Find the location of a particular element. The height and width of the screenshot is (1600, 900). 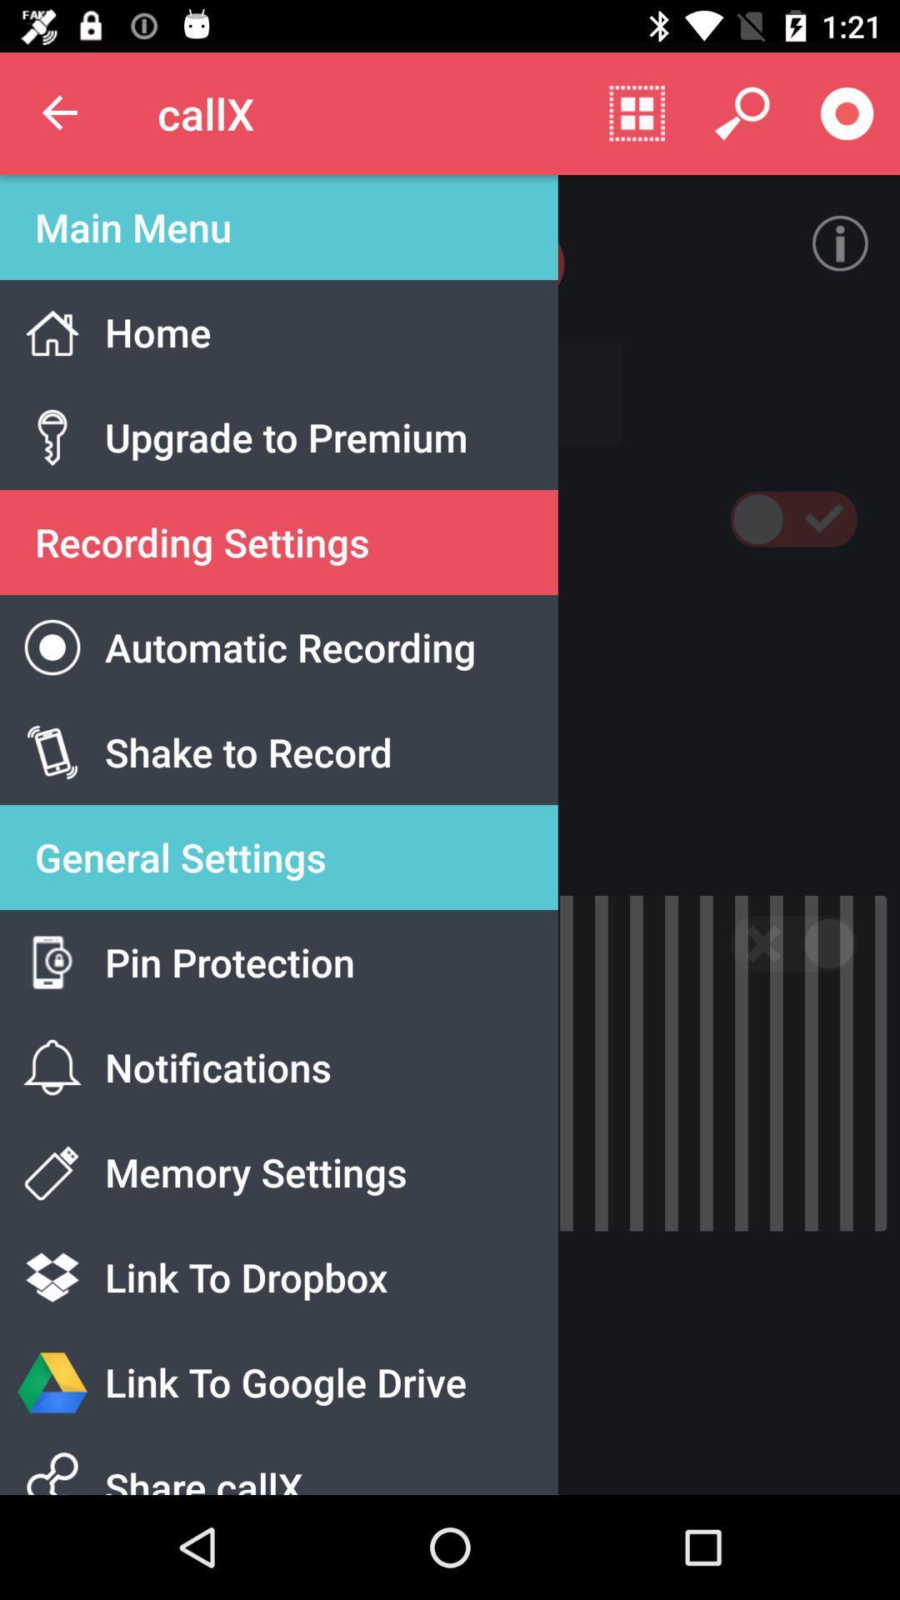

the info icon is located at coordinates (846, 227).